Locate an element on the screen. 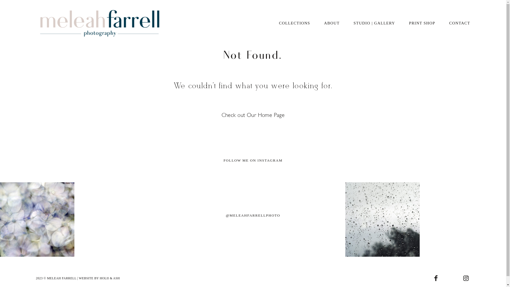 The height and width of the screenshot is (287, 510). 'CONTACT' is located at coordinates (459, 23).